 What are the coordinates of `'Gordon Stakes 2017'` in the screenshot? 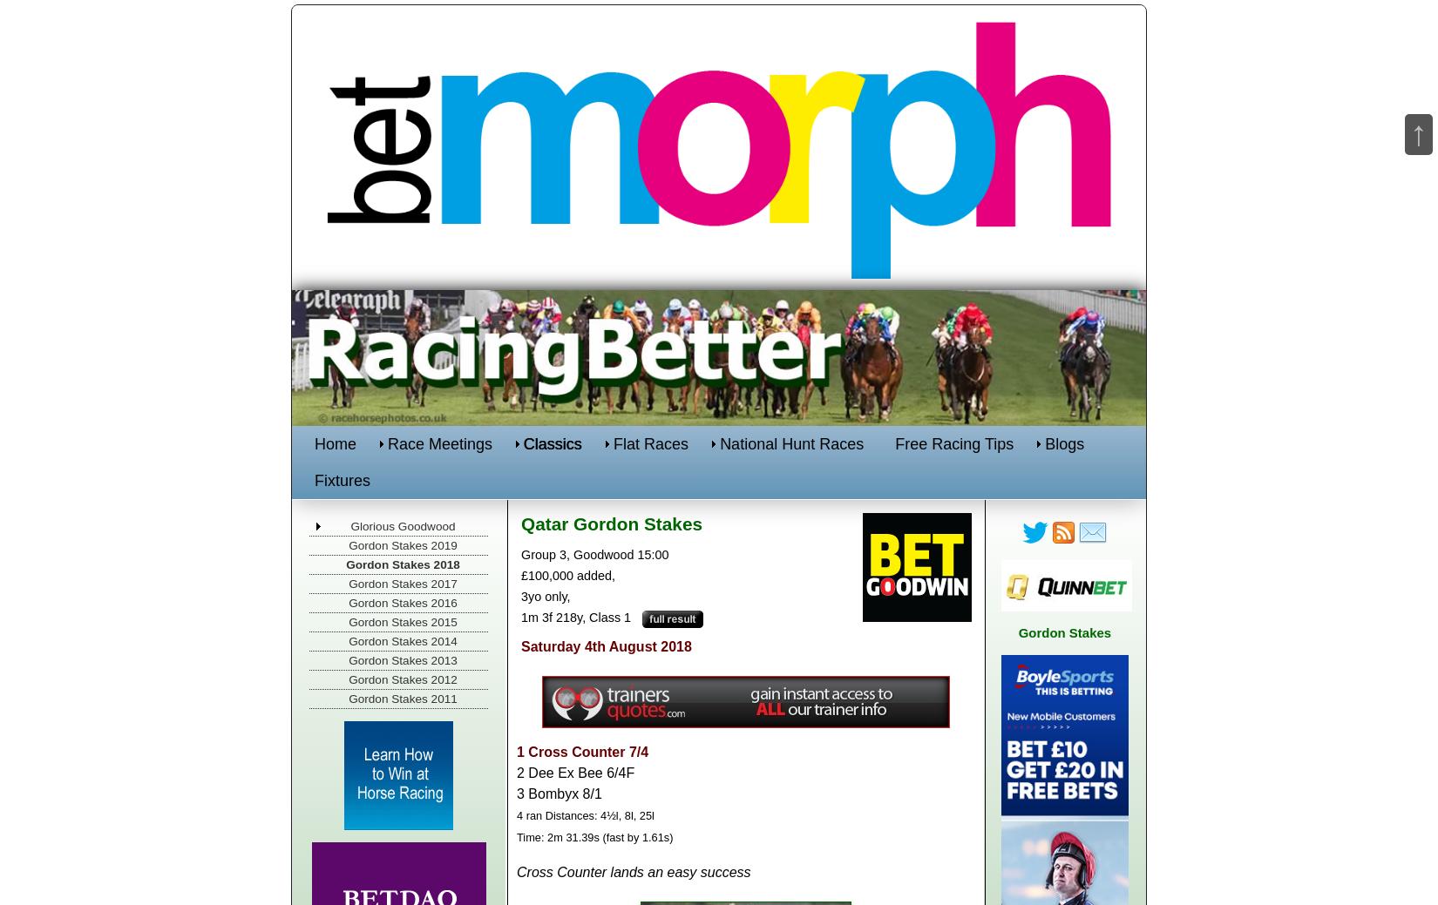 It's located at (402, 584).